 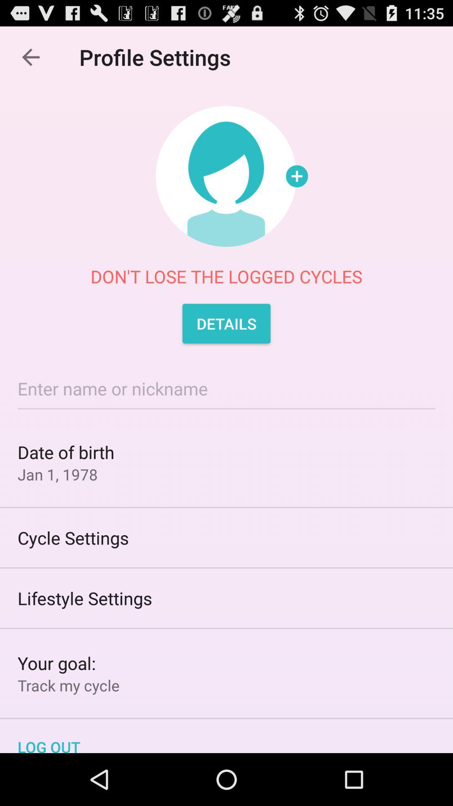 What do you see at coordinates (226, 598) in the screenshot?
I see `the lifestyle settings item` at bounding box center [226, 598].